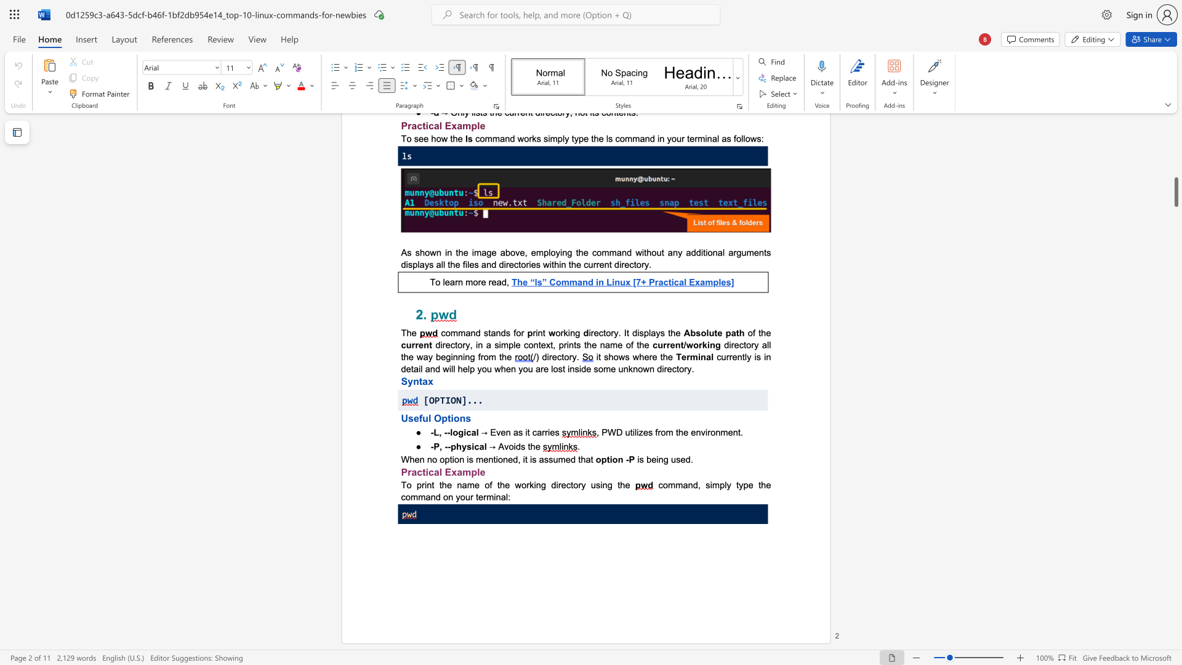  Describe the element at coordinates (662, 484) in the screenshot. I see `the subset text "om" within the text "command, simply type the command on your terminal:"` at that location.